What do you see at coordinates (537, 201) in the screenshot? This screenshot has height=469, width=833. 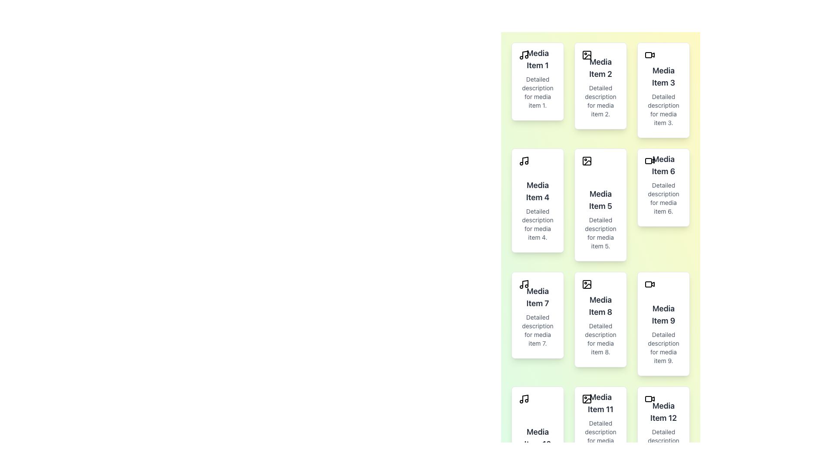 I see `the content of the card titled 'Media Item 4' which is located in the second column of the second row of a grid layout` at bounding box center [537, 201].